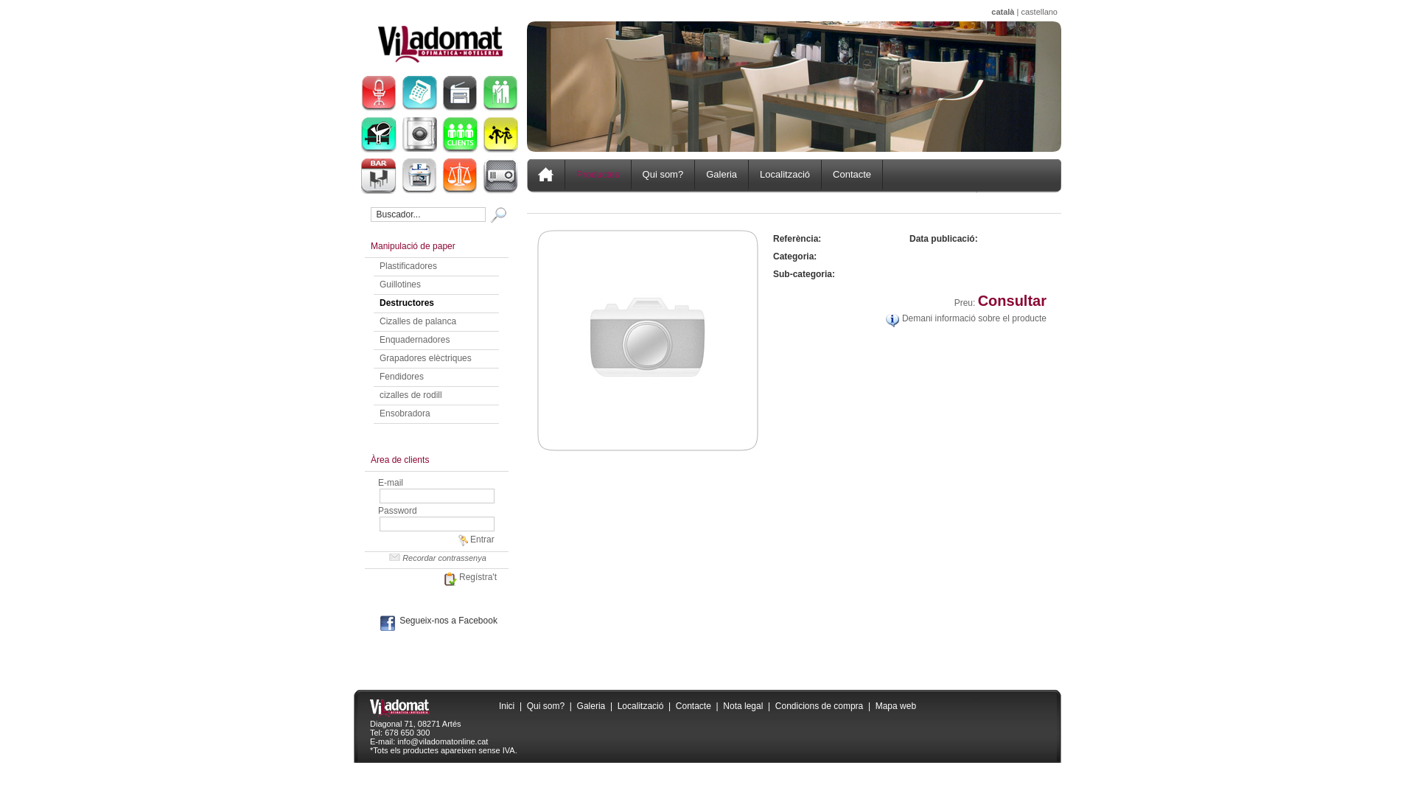 This screenshot has width=1415, height=796. What do you see at coordinates (408, 266) in the screenshot?
I see `'Plastificadores'` at bounding box center [408, 266].